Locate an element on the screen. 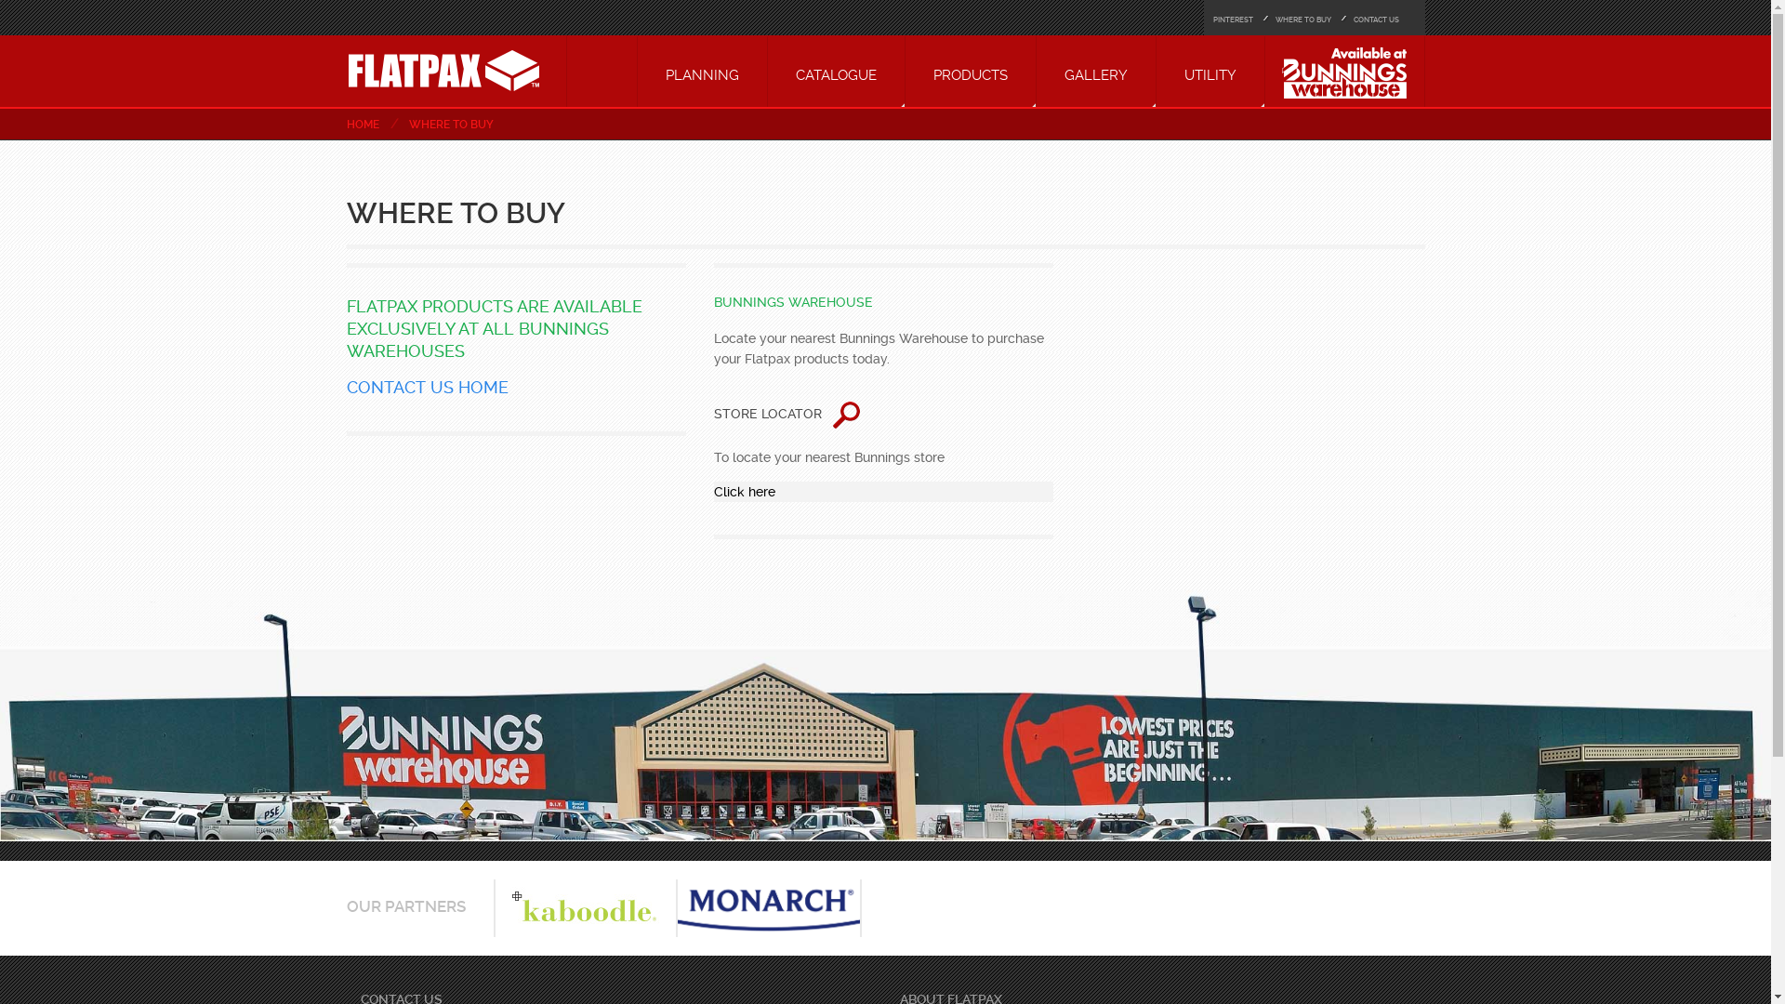  'STORE LOCATOR  ' is located at coordinates (713, 414).